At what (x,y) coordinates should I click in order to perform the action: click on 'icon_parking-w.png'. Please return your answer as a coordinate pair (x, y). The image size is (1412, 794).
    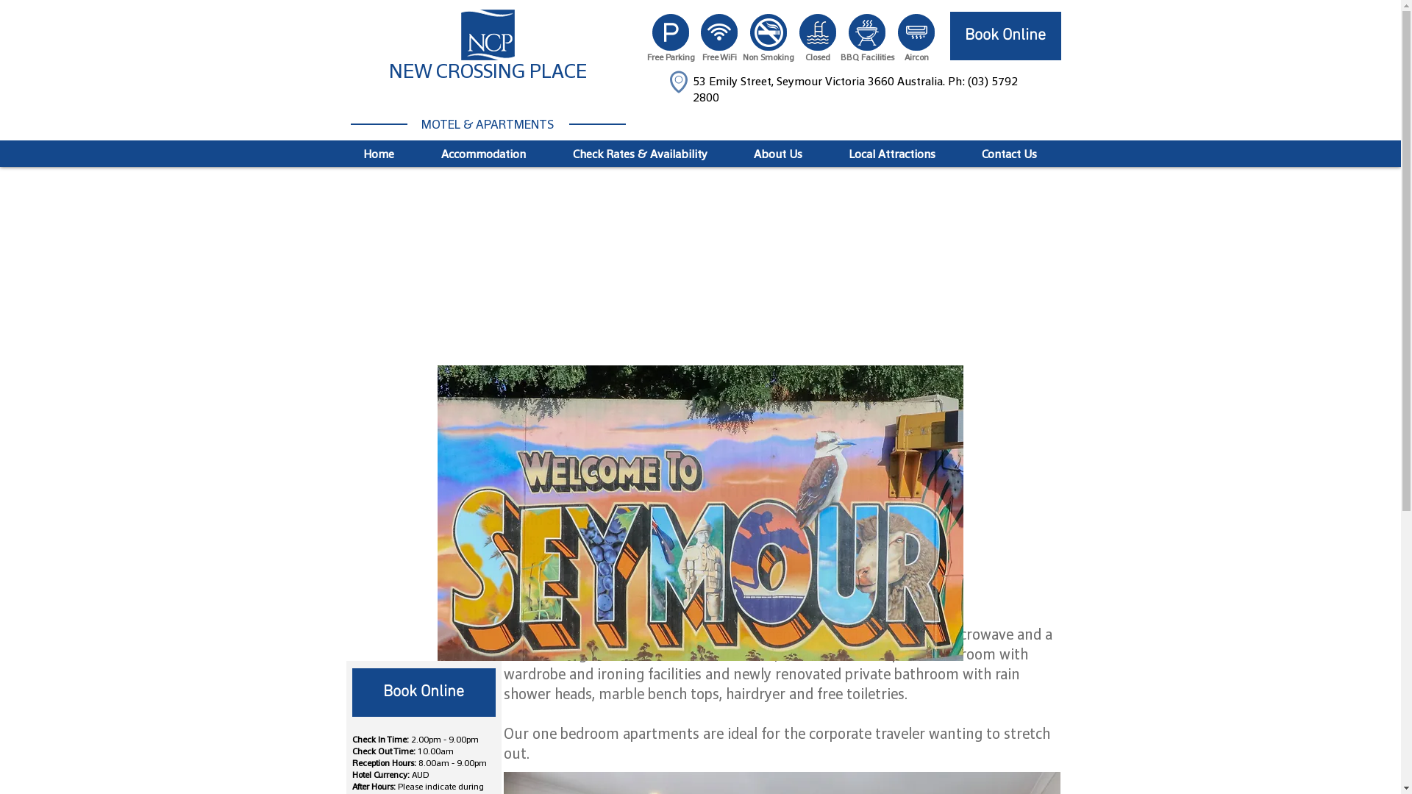
    Looking at the image, I should click on (669, 32).